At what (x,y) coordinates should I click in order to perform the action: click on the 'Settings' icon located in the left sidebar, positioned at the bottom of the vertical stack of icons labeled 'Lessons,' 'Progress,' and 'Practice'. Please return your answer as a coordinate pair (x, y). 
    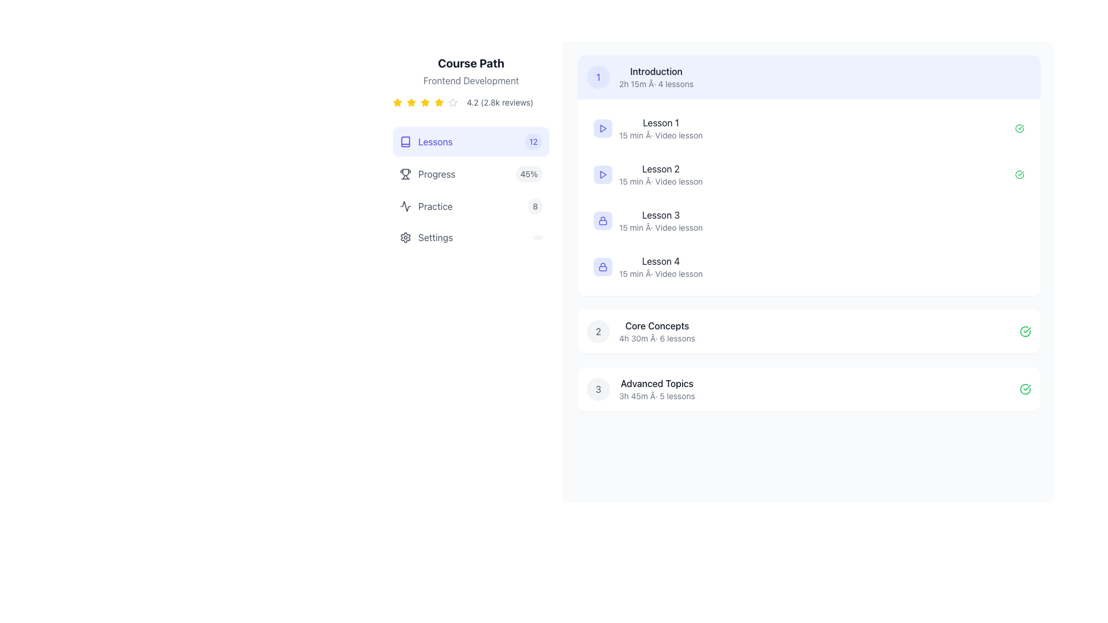
    Looking at the image, I should click on (405, 237).